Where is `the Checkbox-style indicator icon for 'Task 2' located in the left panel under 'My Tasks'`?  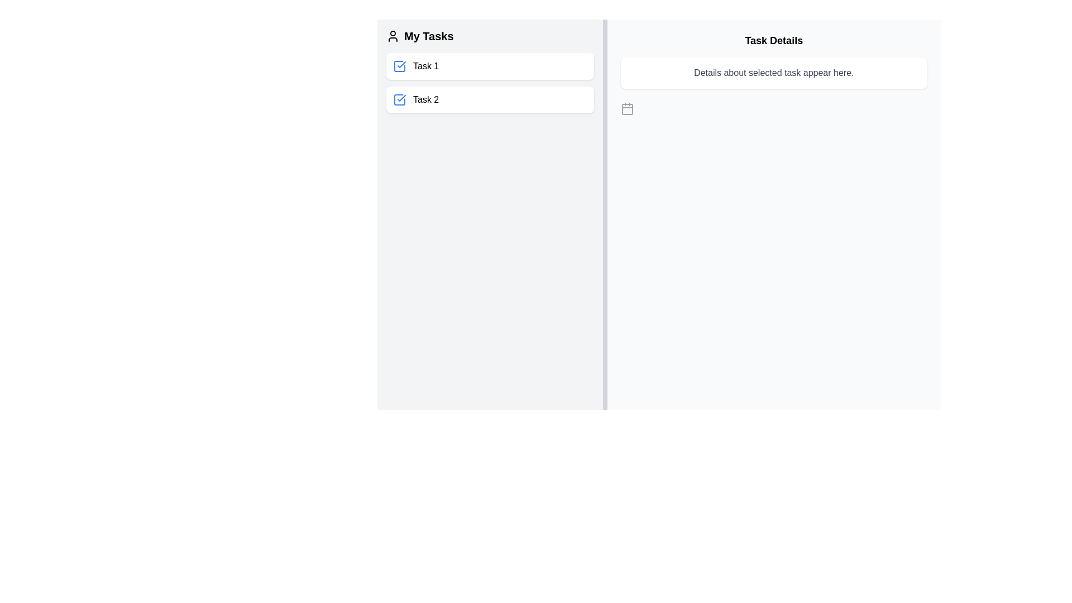 the Checkbox-style indicator icon for 'Task 2' located in the left panel under 'My Tasks' is located at coordinates (399, 99).